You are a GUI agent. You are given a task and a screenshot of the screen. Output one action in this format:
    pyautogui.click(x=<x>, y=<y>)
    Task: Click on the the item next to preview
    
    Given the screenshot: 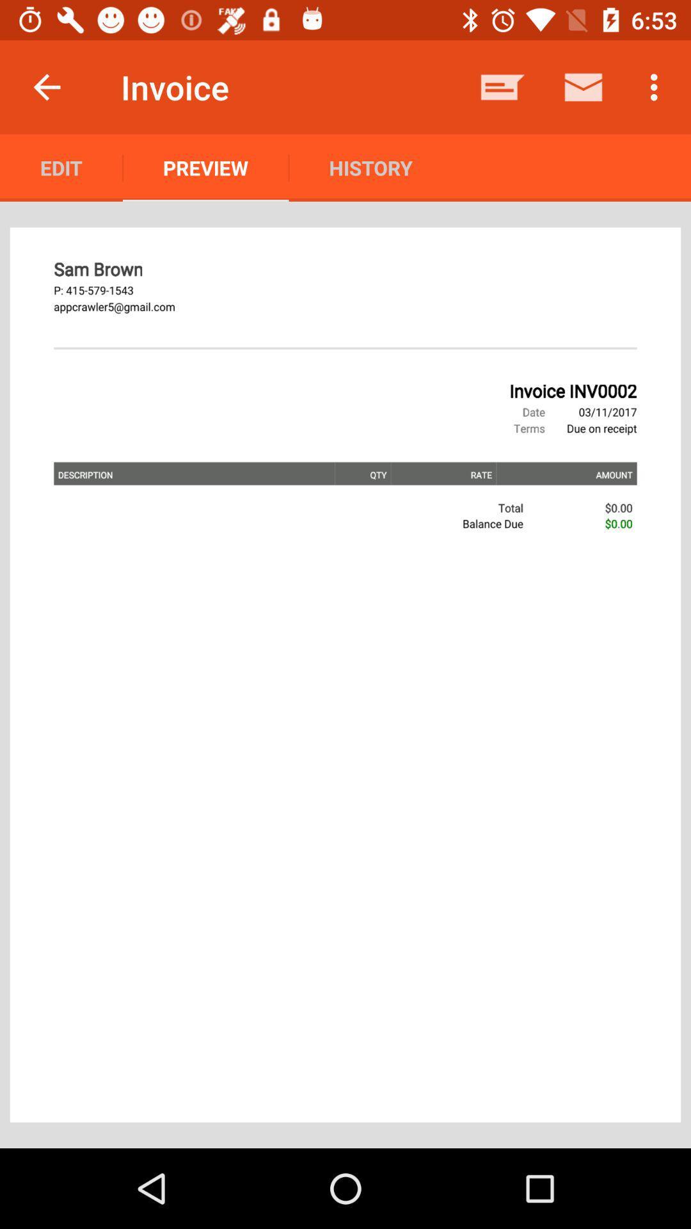 What is the action you would take?
    pyautogui.click(x=61, y=167)
    